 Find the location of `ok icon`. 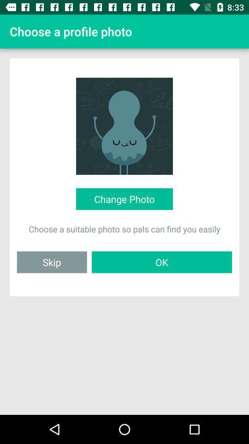

ok icon is located at coordinates (161, 262).